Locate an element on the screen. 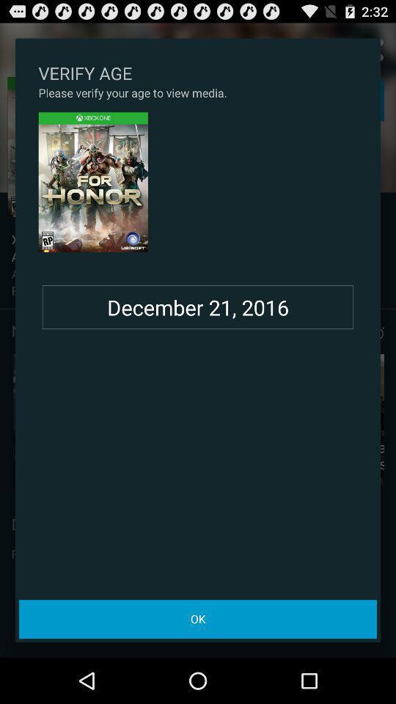 Image resolution: width=396 pixels, height=704 pixels. the december 21, 2016 item is located at coordinates (198, 307).